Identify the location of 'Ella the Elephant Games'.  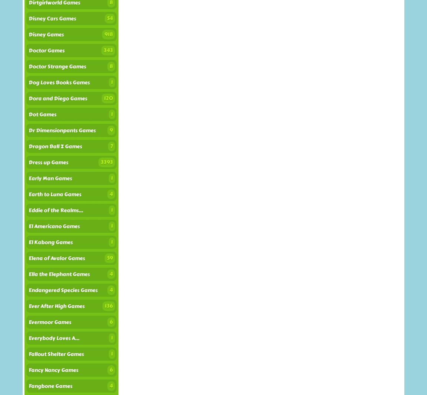
(28, 274).